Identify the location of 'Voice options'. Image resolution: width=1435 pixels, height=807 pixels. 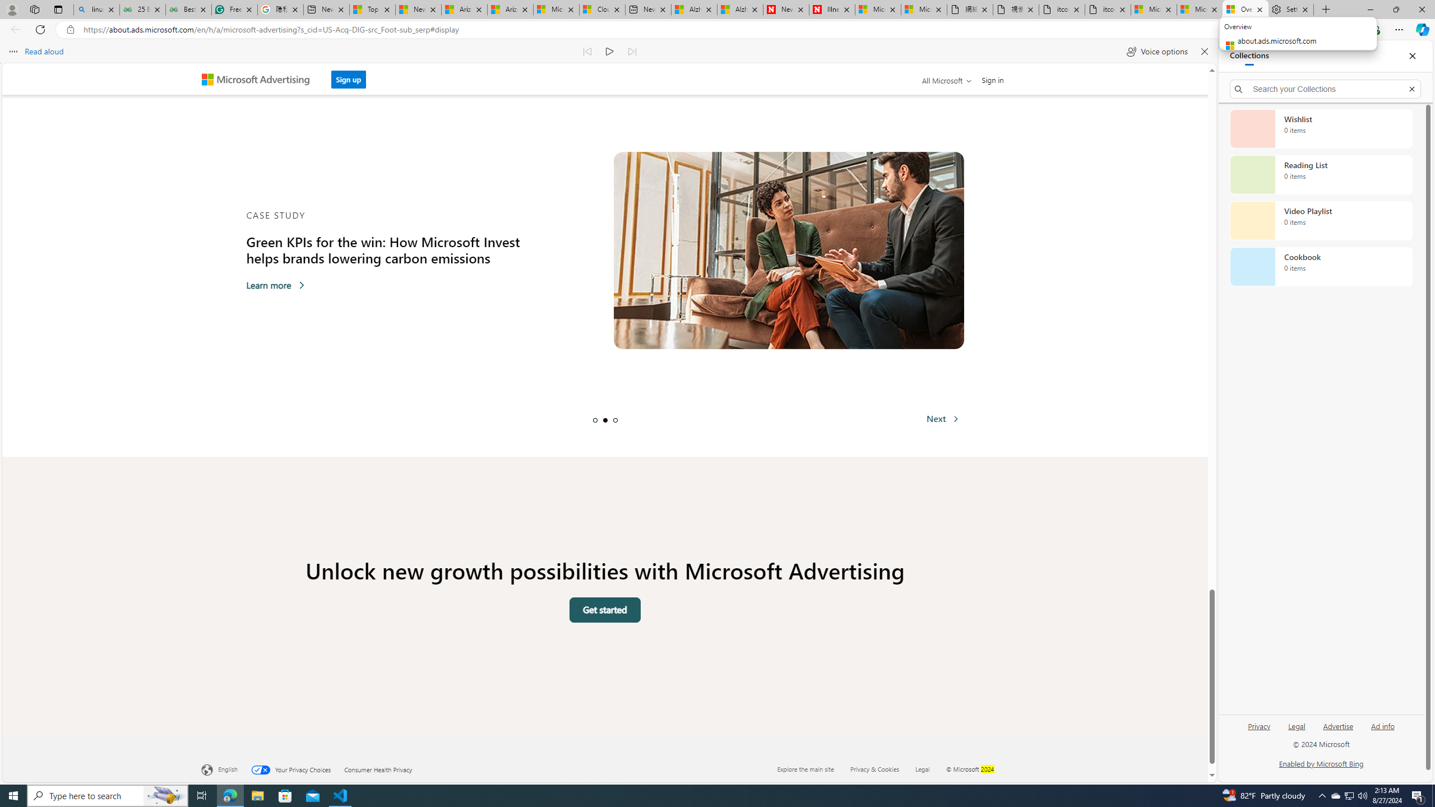
(1156, 51).